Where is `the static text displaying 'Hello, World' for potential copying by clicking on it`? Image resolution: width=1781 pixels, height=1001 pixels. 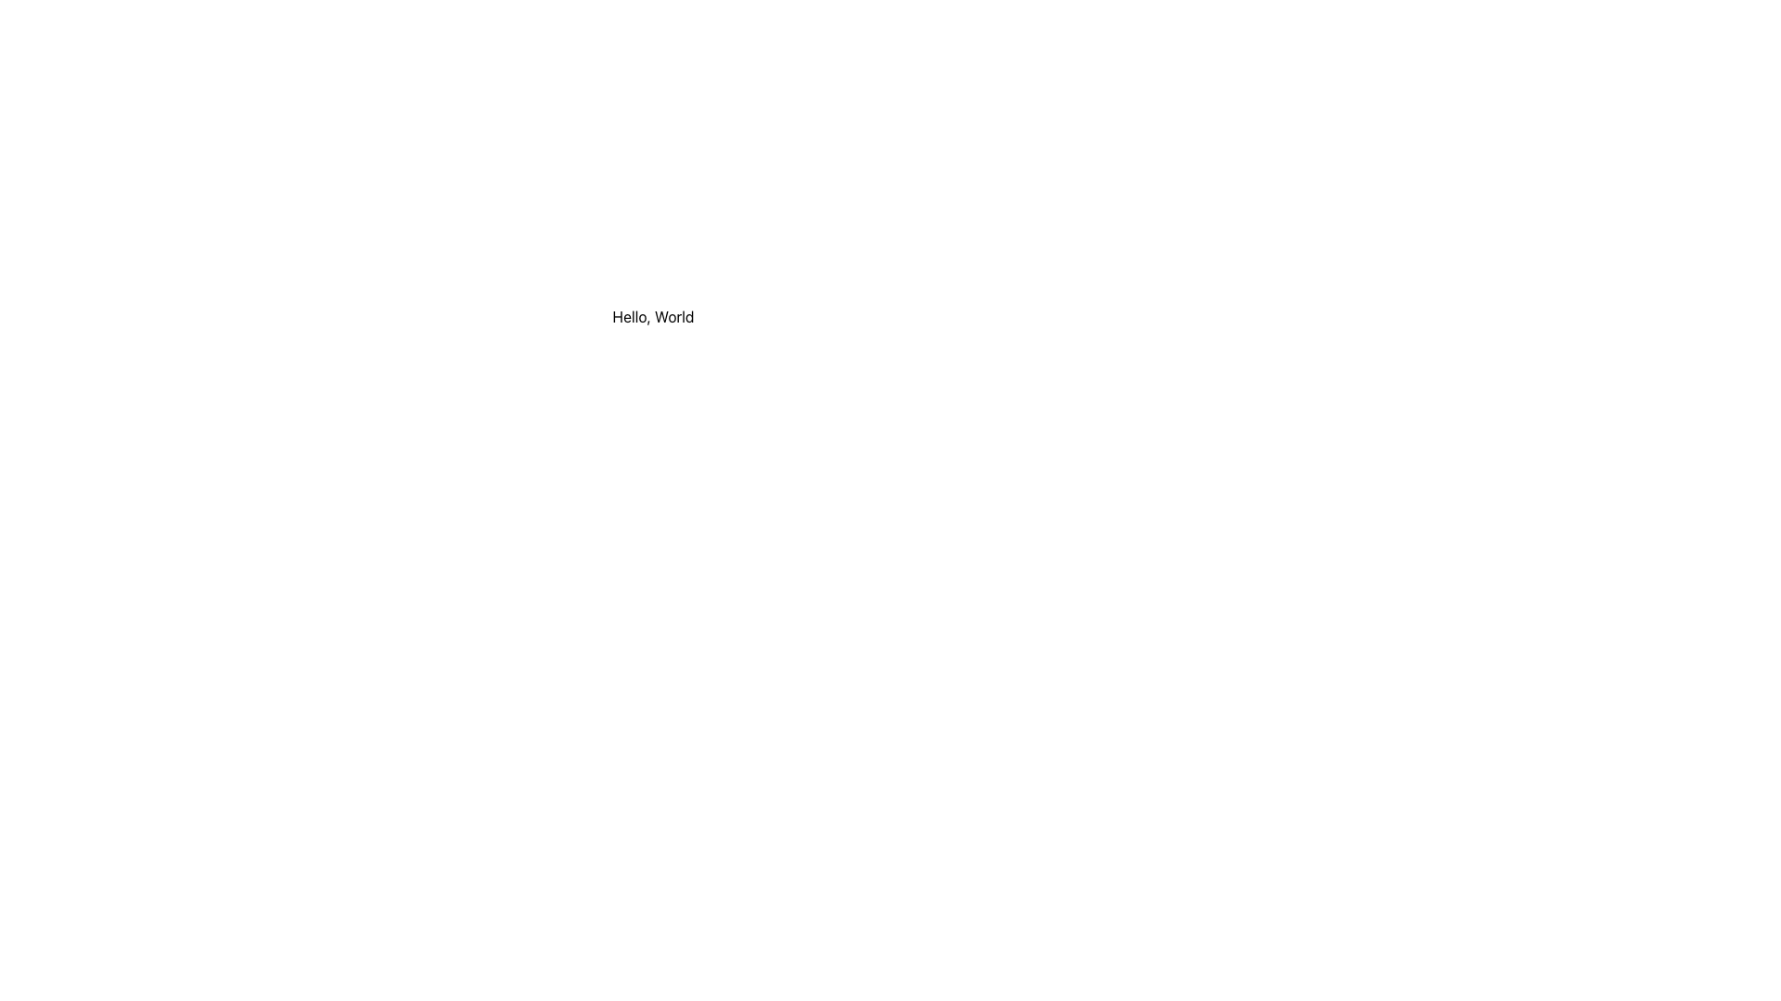 the static text displaying 'Hello, World' for potential copying by clicking on it is located at coordinates (653, 316).